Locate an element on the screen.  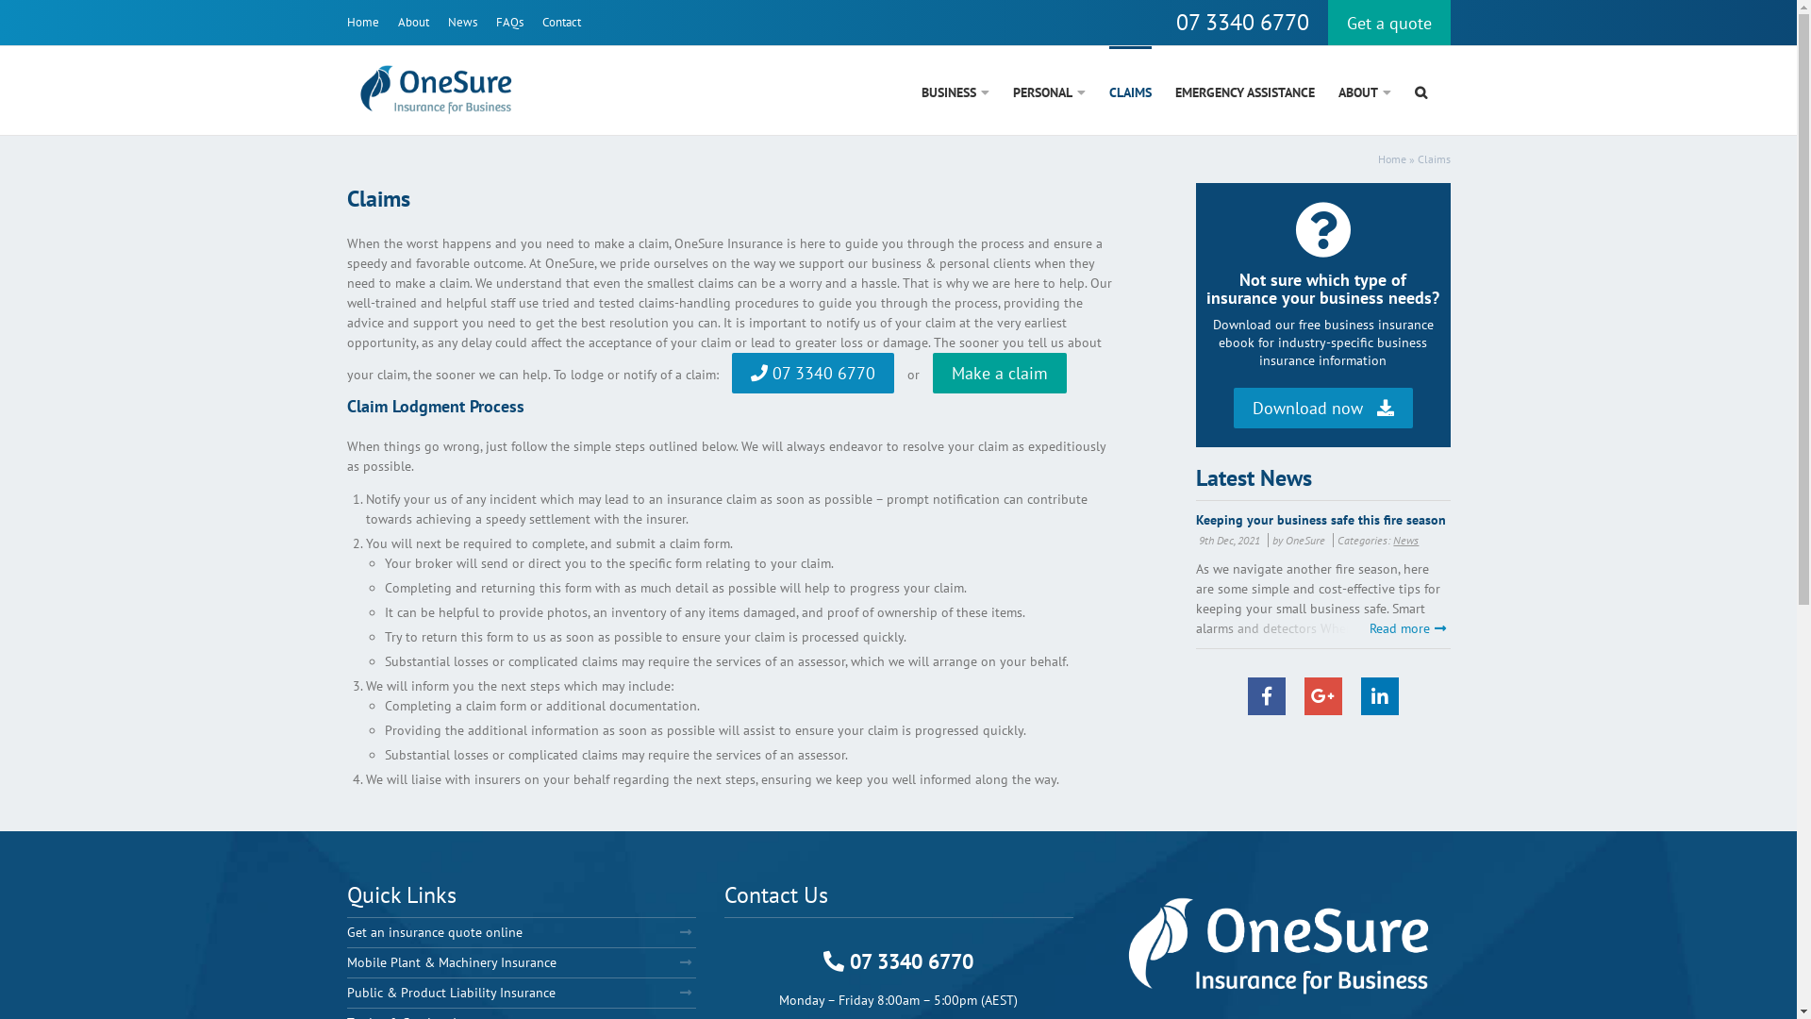
'EMERGENCY ASSISTANCE' is located at coordinates (1174, 90).